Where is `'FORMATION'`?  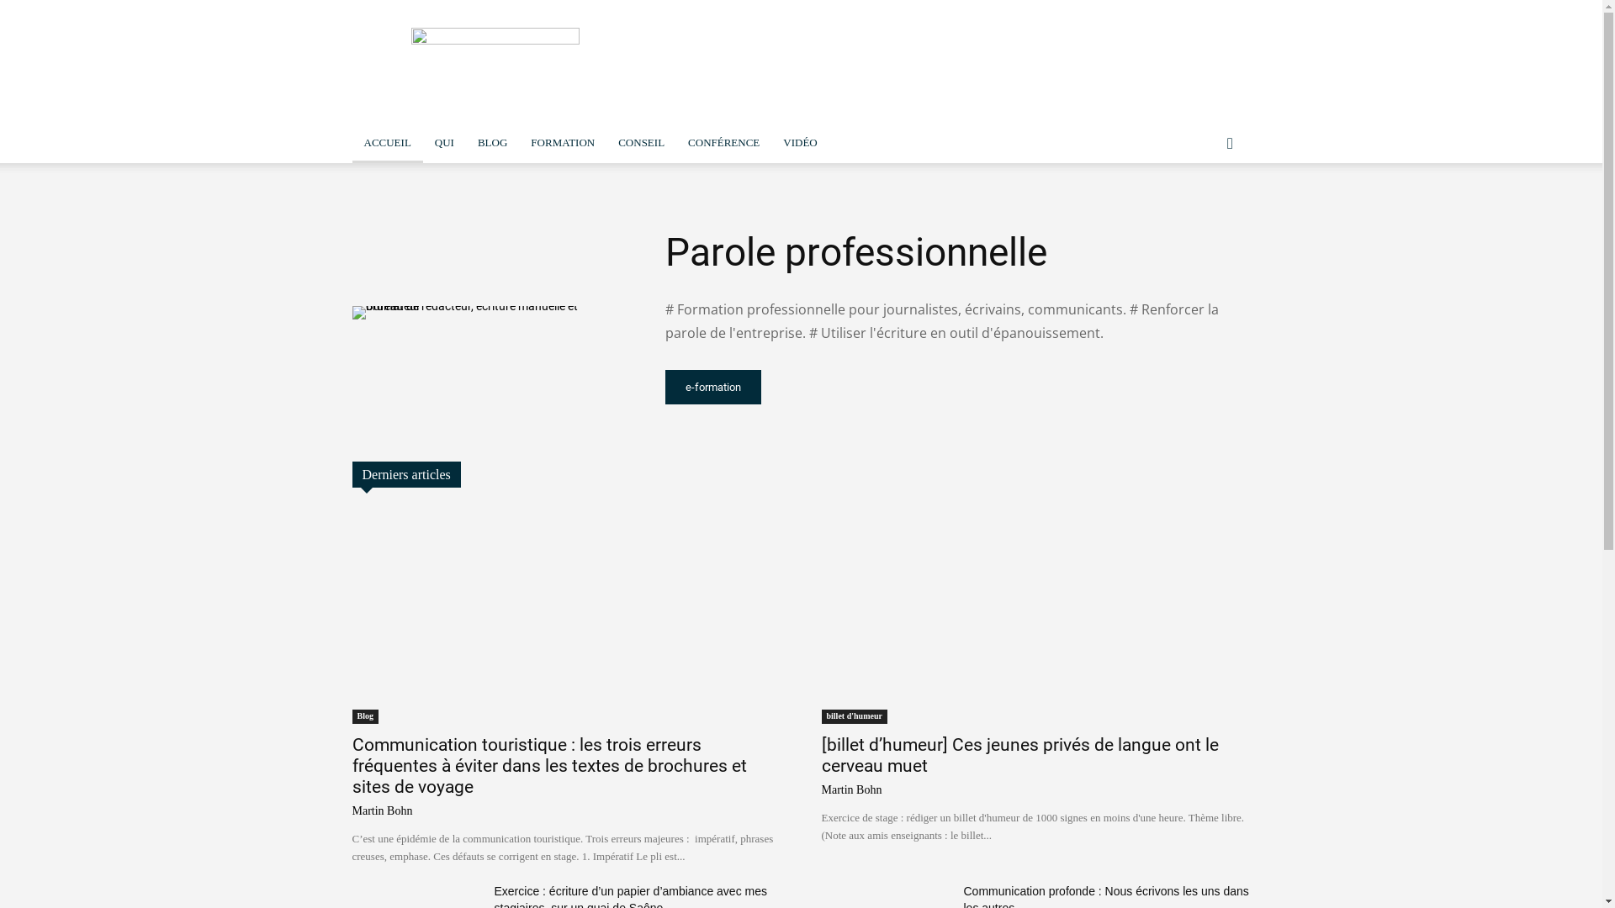
'FORMATION' is located at coordinates (562, 141).